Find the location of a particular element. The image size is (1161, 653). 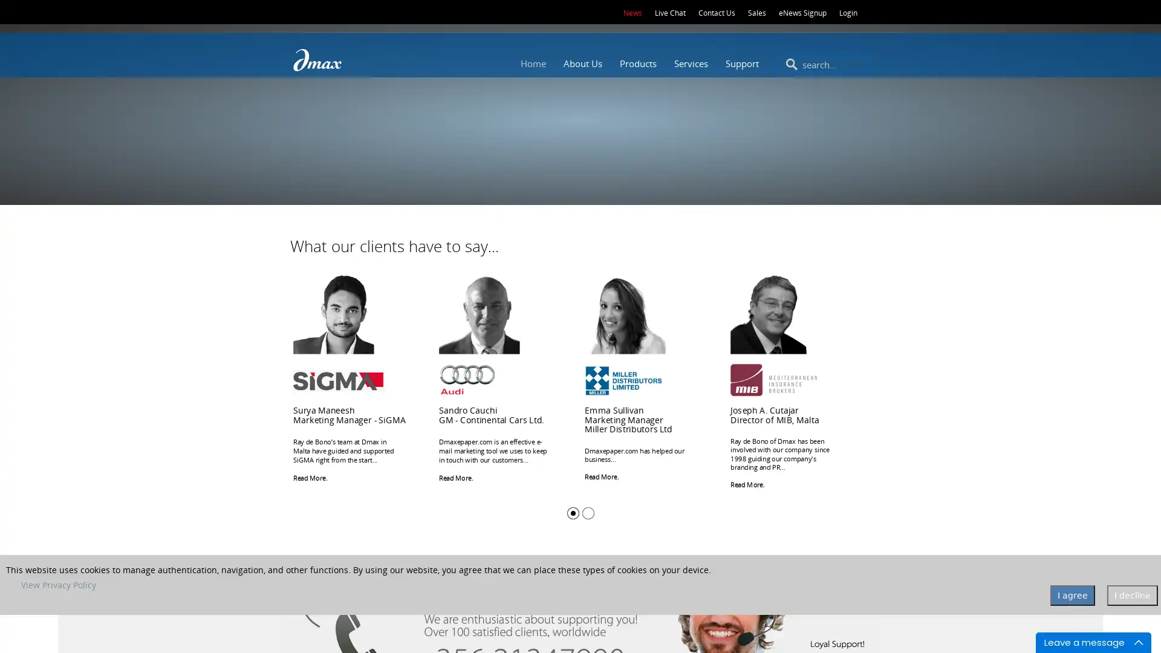

I agree is located at coordinates (1073, 594).